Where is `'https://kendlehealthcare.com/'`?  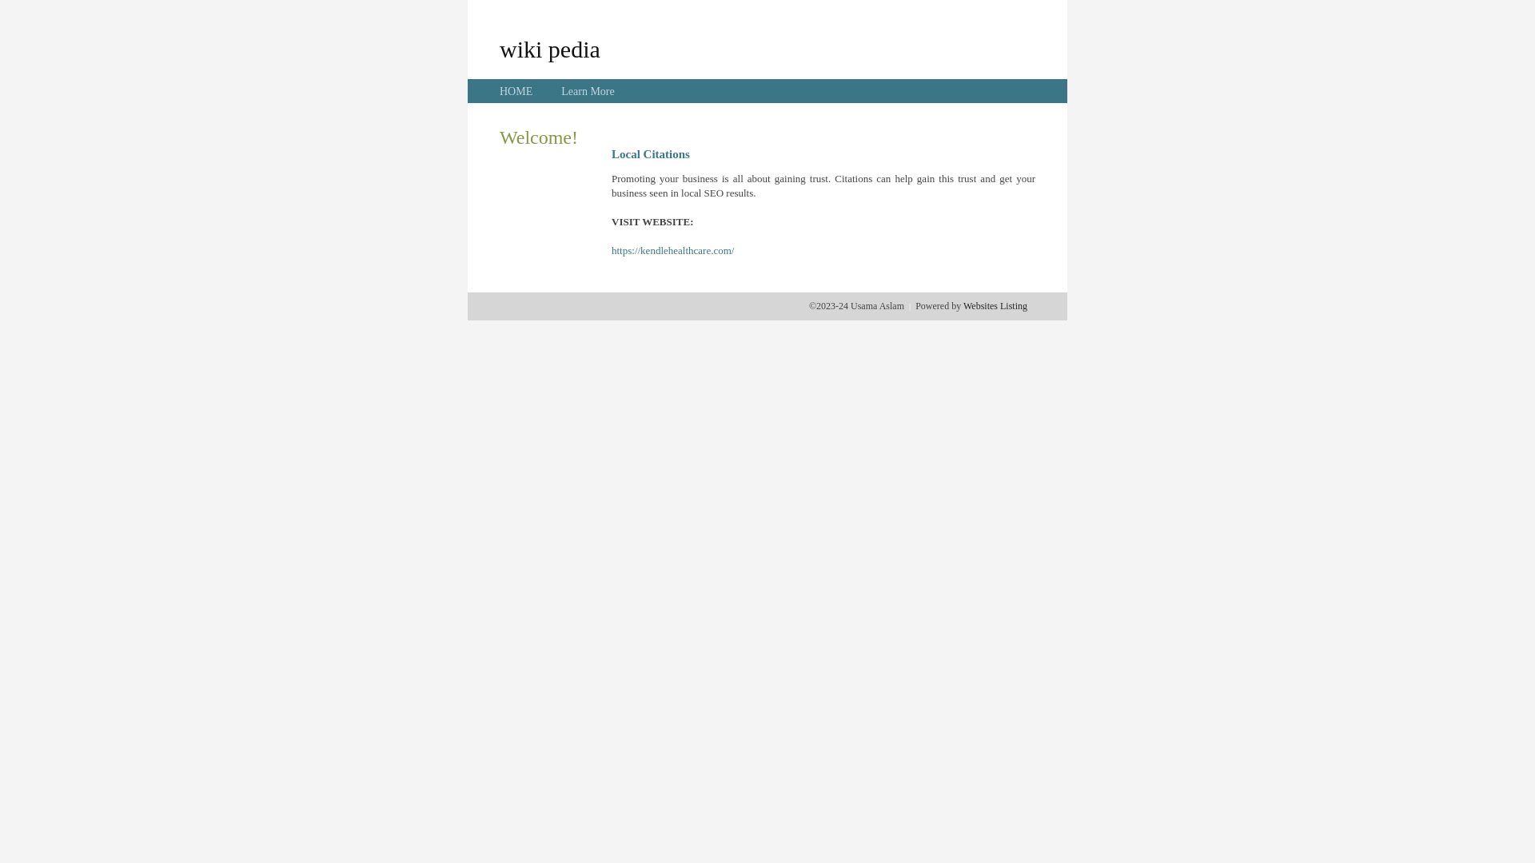
'https://kendlehealthcare.com/' is located at coordinates (672, 250).